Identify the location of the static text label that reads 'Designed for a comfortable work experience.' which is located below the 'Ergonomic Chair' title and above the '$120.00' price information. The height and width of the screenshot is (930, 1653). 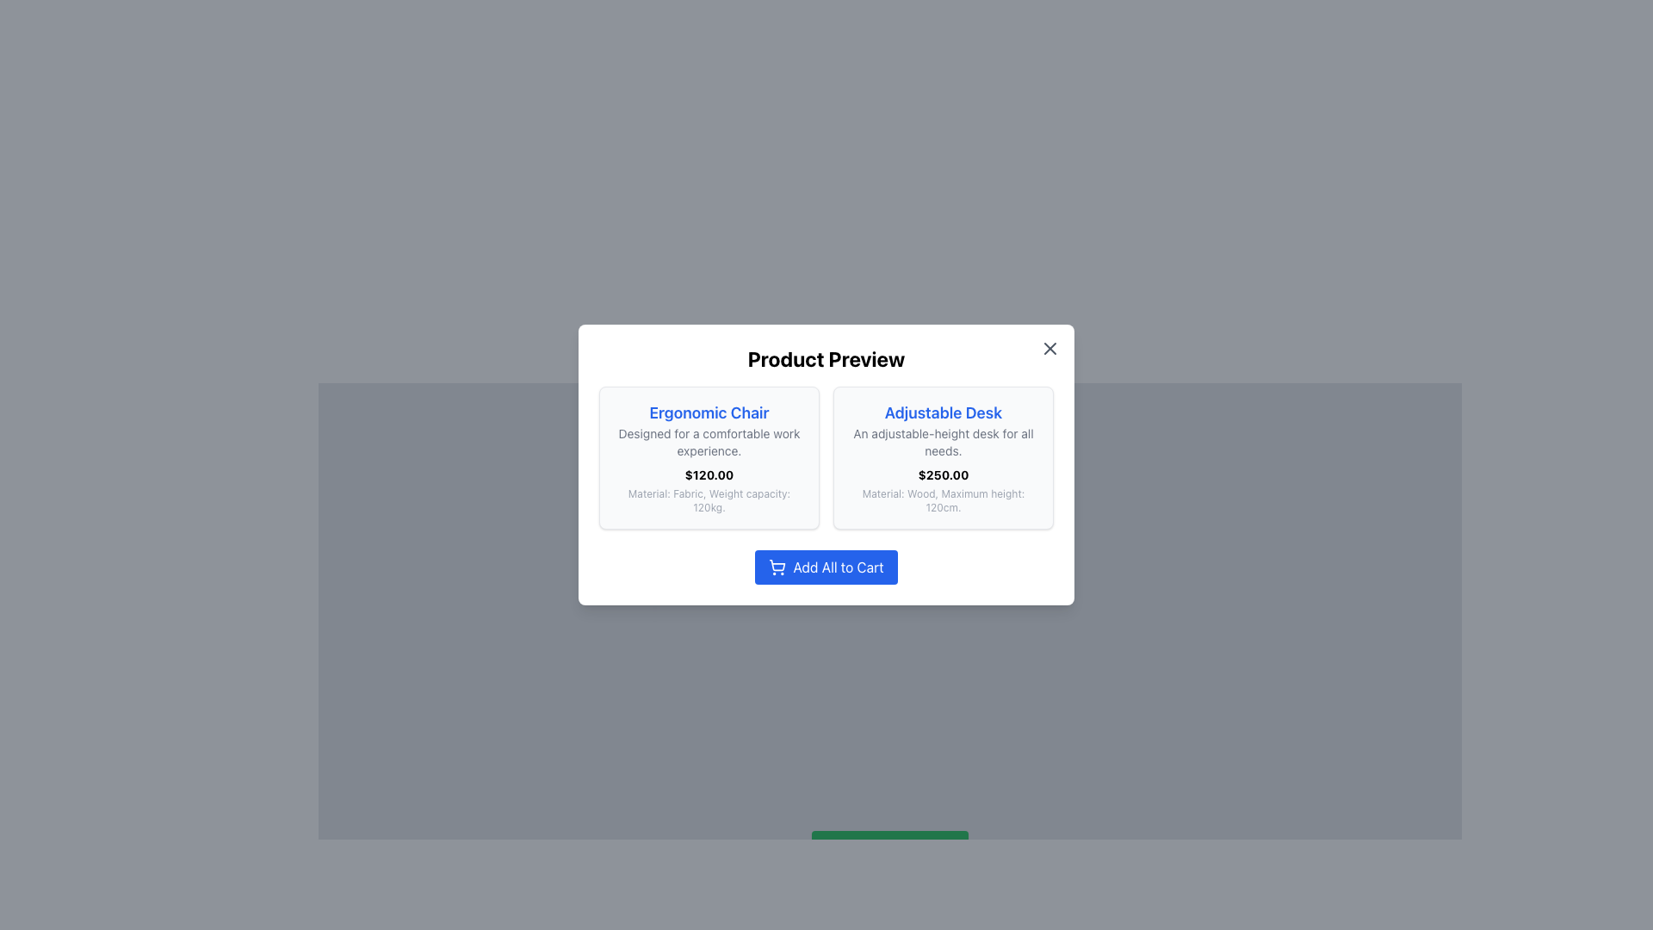
(709, 441).